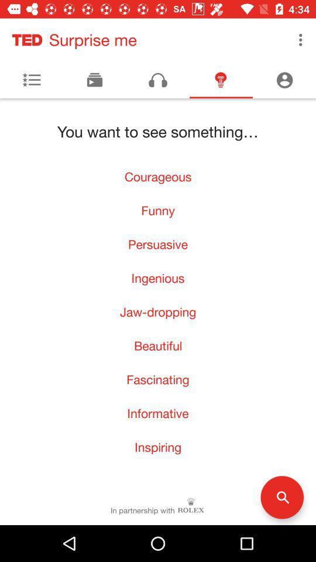 This screenshot has height=562, width=316. I want to click on the ingenious item, so click(158, 278).